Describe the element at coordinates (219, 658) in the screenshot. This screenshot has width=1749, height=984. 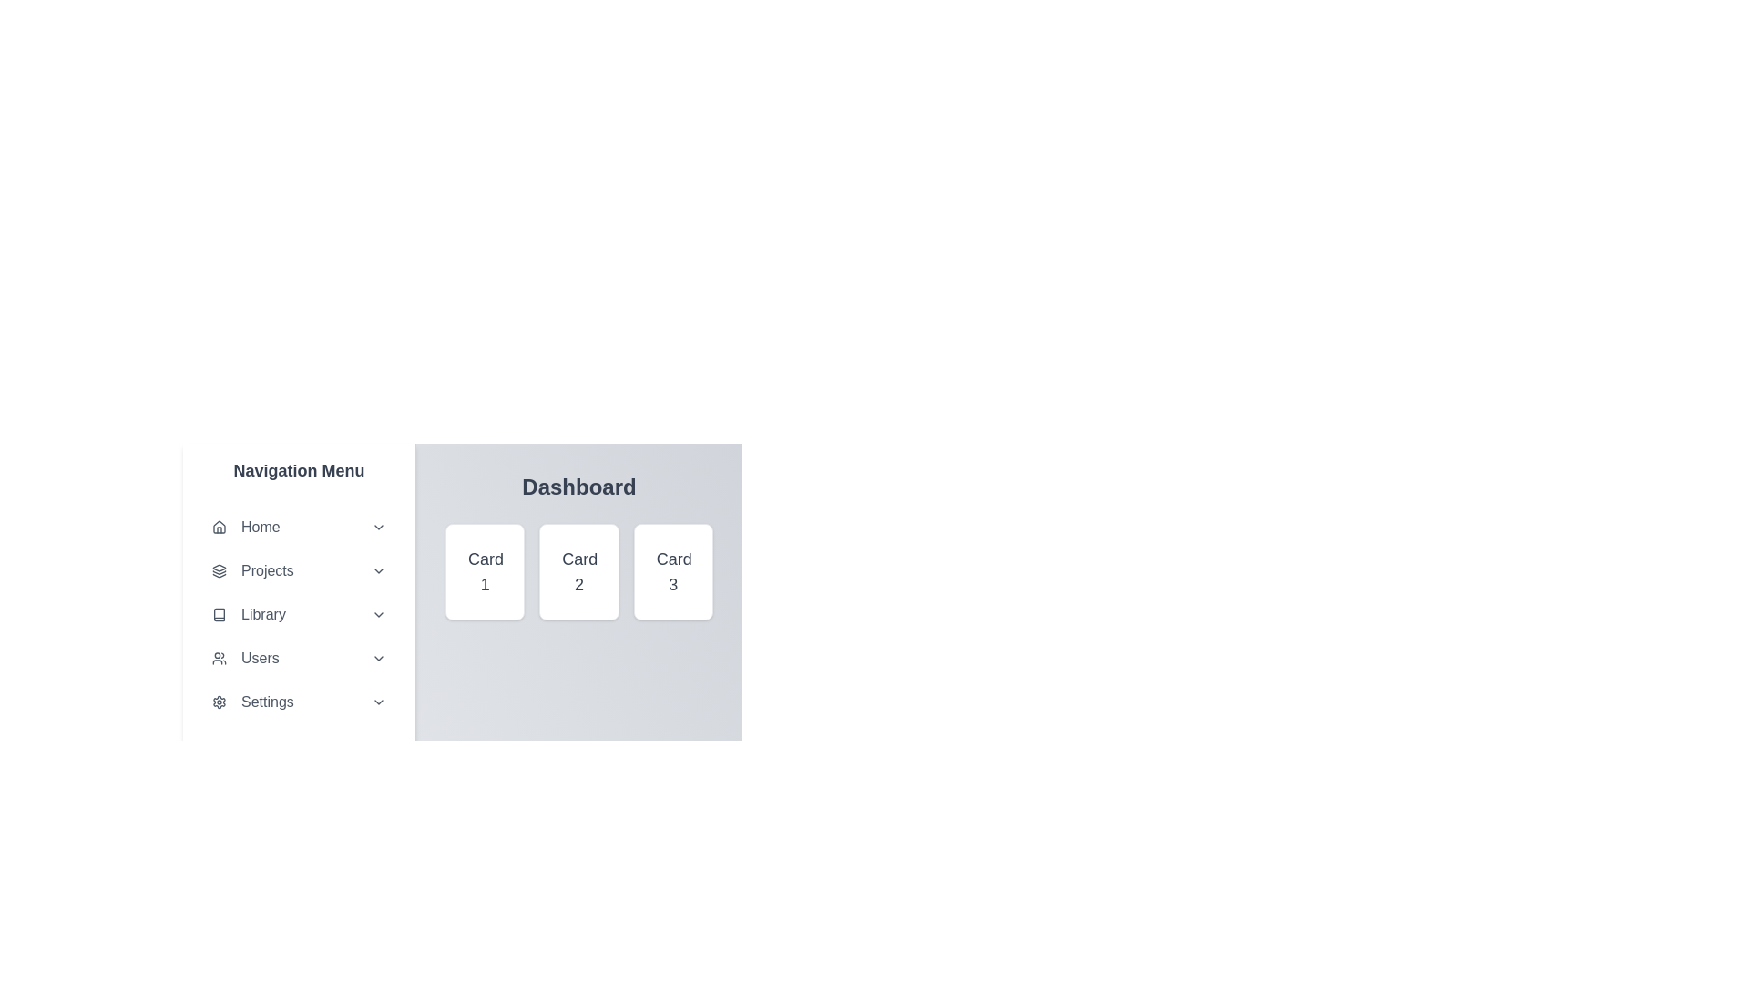
I see `the SVG icon representing a group of users, which is part of the navigation menu entry labeled 'Users'. This icon is located on the left side of the menu, preceding the 'Users' label` at that location.